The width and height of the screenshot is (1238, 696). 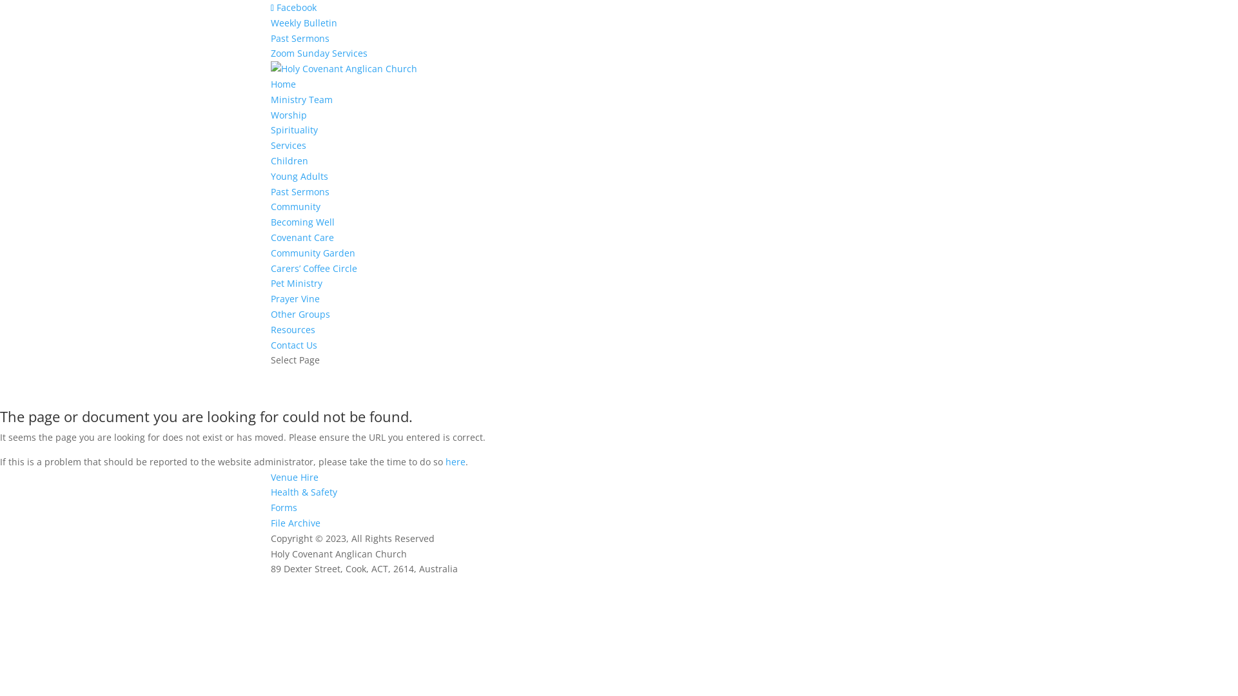 I want to click on 'Community Garden', so click(x=313, y=253).